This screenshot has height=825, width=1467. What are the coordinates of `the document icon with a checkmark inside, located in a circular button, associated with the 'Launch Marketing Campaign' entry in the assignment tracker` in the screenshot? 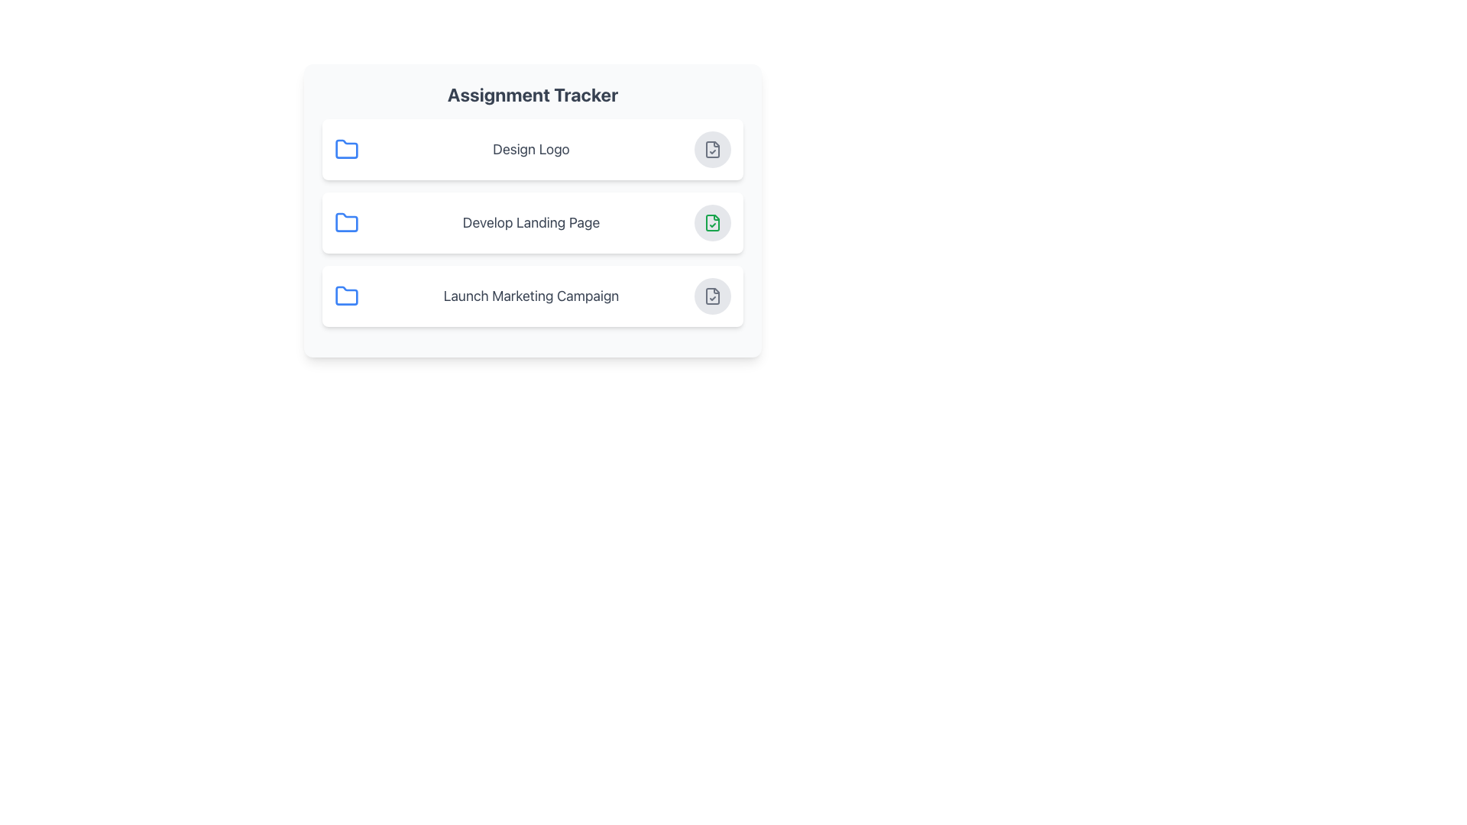 It's located at (711, 296).